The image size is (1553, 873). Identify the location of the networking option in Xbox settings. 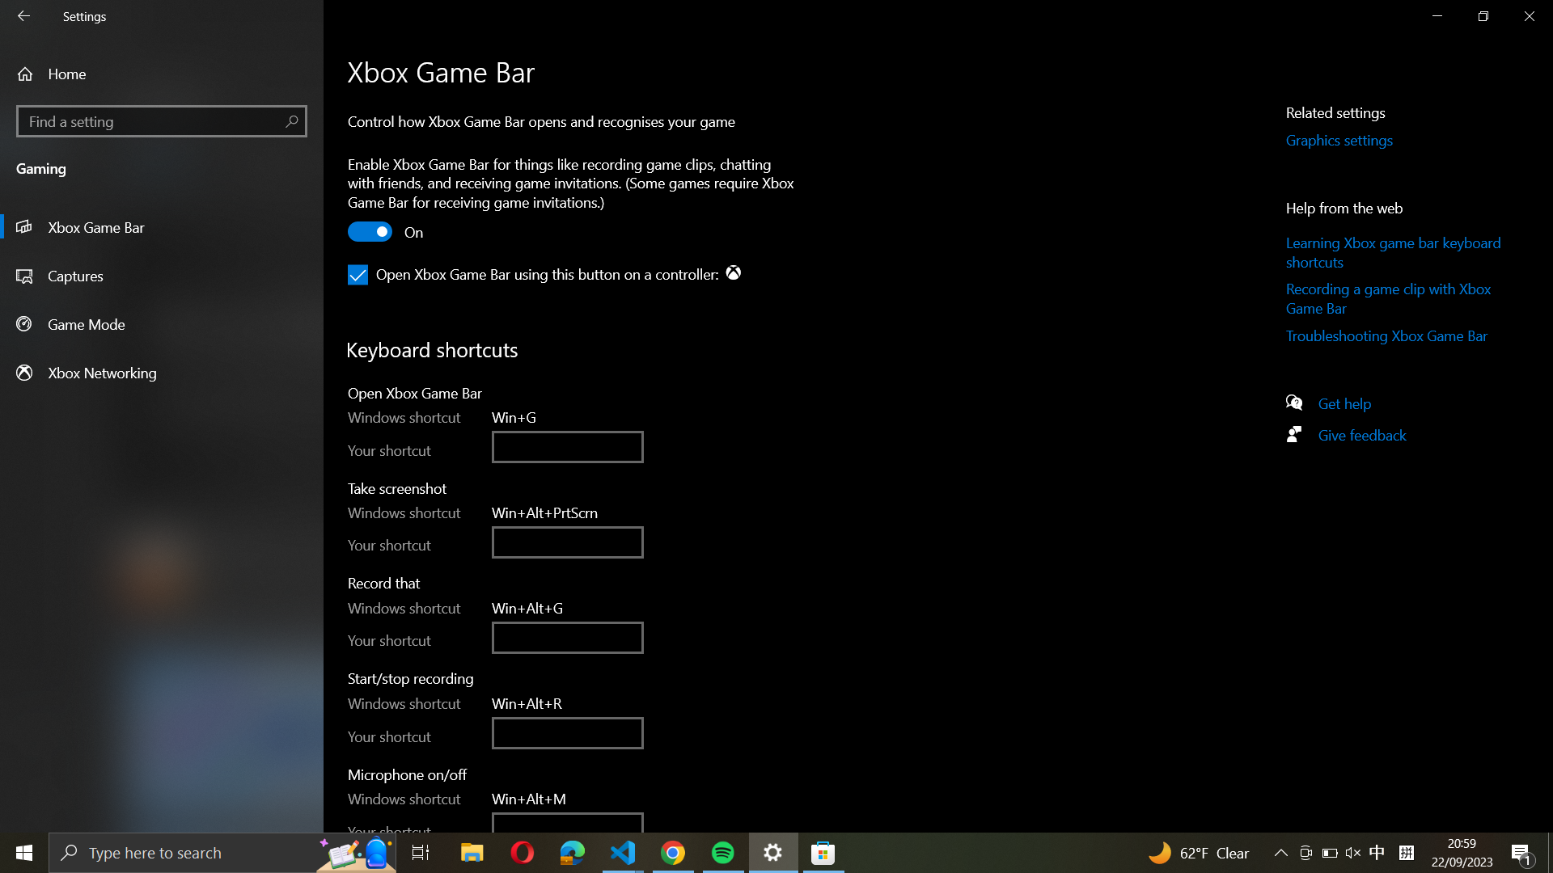
(162, 372).